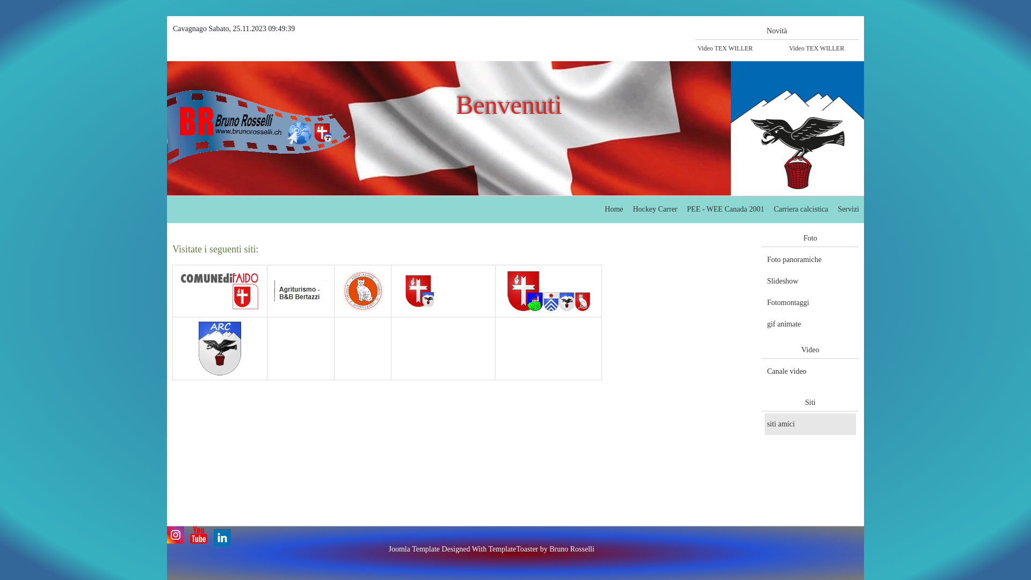 The height and width of the screenshot is (580, 1031). Describe the element at coordinates (822, 47) in the screenshot. I see `'Video TEX WILLER'` at that location.